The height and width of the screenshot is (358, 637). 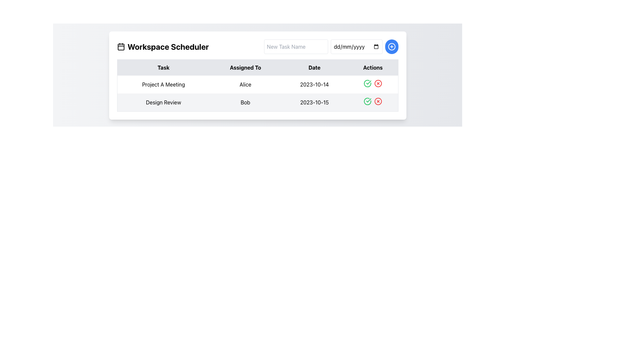 What do you see at coordinates (296, 46) in the screenshot?
I see `the text input field labeled 'New Task Name'` at bounding box center [296, 46].